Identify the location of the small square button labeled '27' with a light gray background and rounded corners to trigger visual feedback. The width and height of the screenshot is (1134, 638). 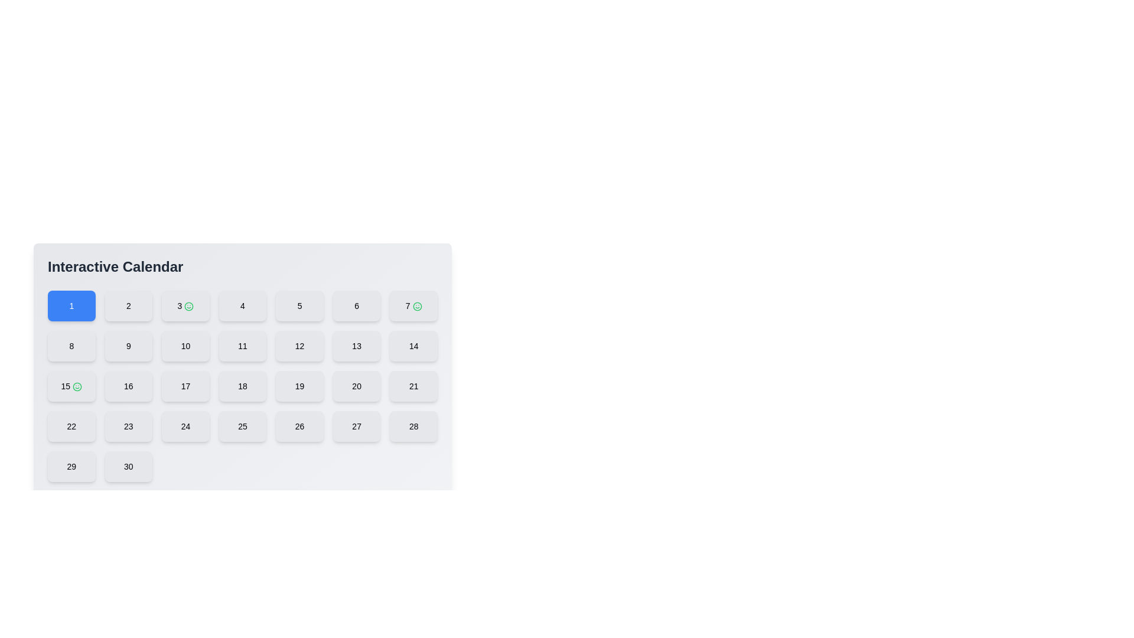
(356, 426).